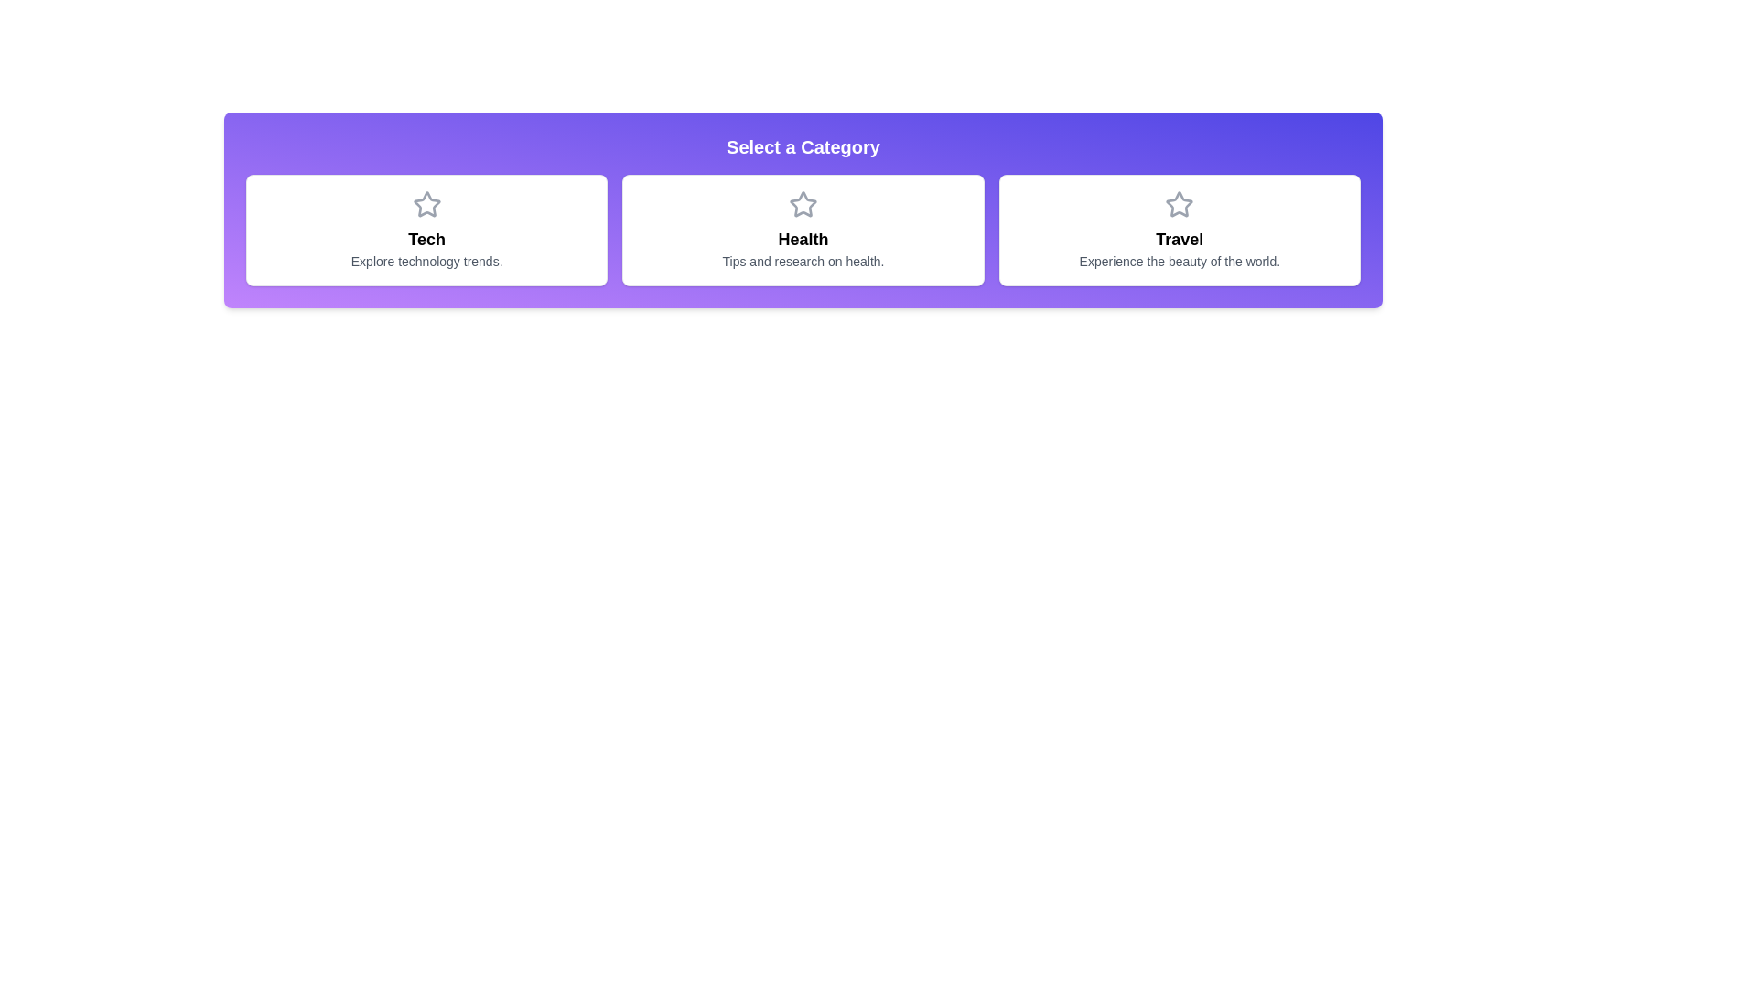 Image resolution: width=1757 pixels, height=988 pixels. Describe the element at coordinates (426, 249) in the screenshot. I see `the text block displaying bold text 'Tech' followed by smaller gray text 'Explore technology trends.' located in the top-left card under the 'Select a Category' section` at that location.